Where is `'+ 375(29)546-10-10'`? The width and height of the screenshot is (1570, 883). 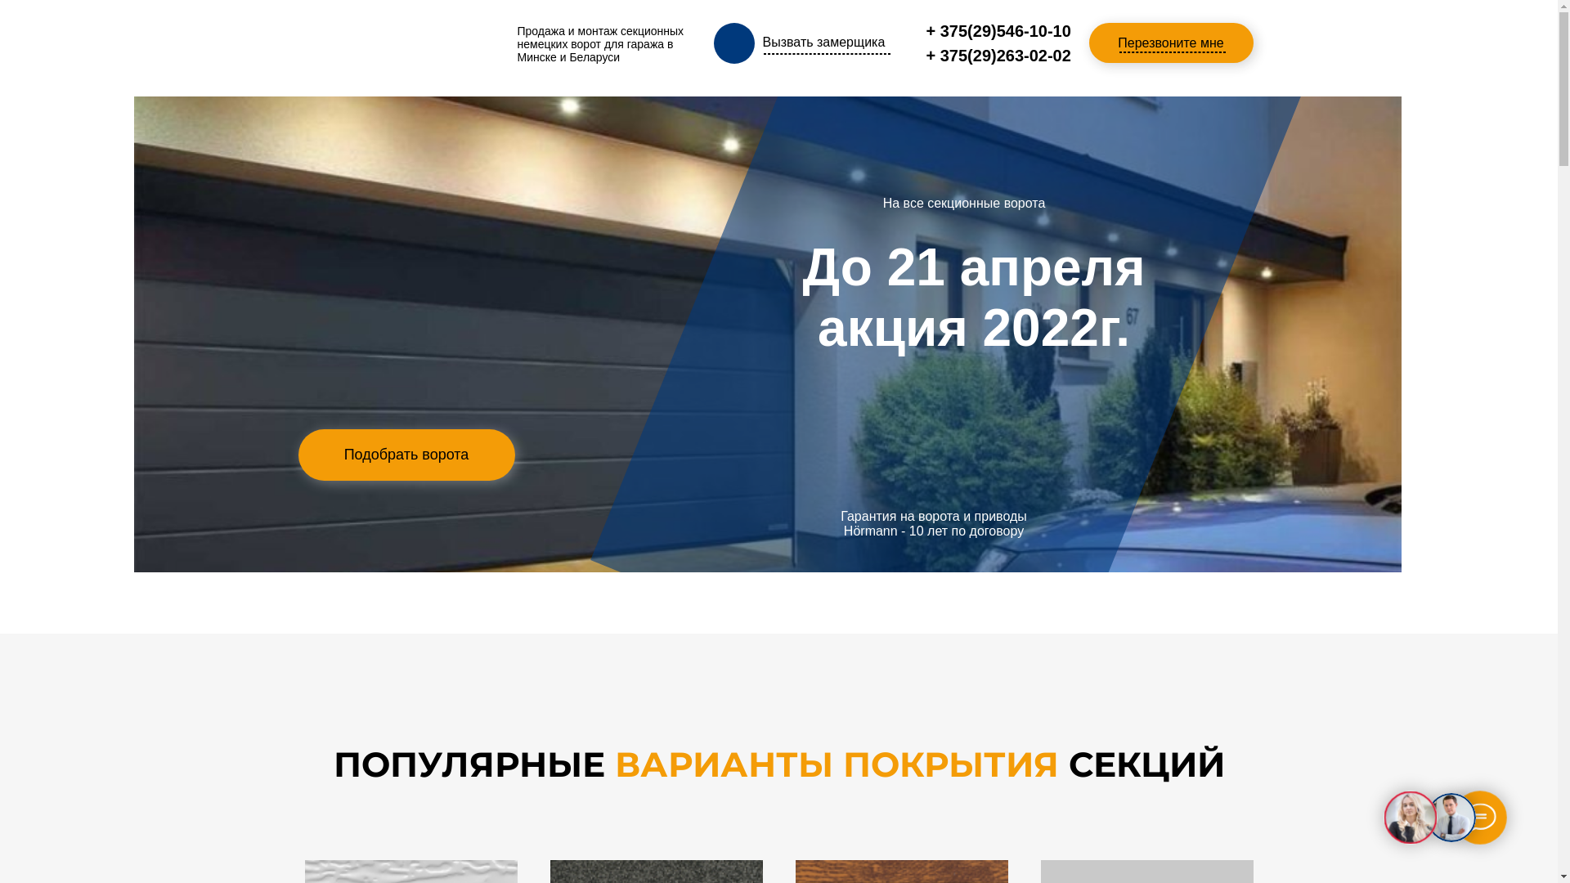 '+ 375(29)546-10-10' is located at coordinates (997, 31).